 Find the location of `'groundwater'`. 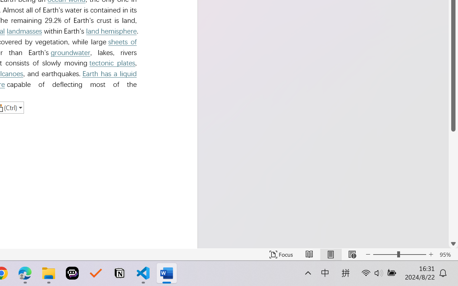

'groundwater' is located at coordinates (70, 53).